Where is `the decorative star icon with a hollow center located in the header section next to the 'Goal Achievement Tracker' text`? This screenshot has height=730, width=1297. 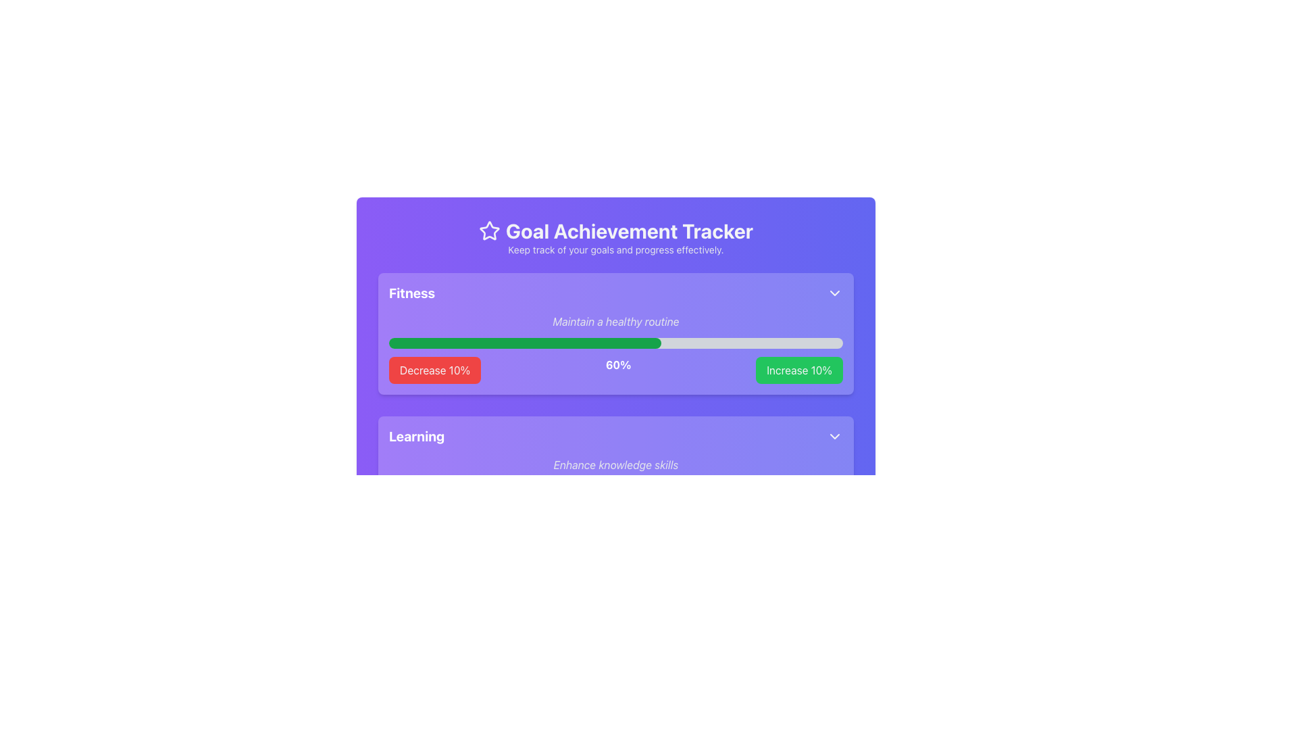
the decorative star icon with a hollow center located in the header section next to the 'Goal Achievement Tracker' text is located at coordinates (488, 230).